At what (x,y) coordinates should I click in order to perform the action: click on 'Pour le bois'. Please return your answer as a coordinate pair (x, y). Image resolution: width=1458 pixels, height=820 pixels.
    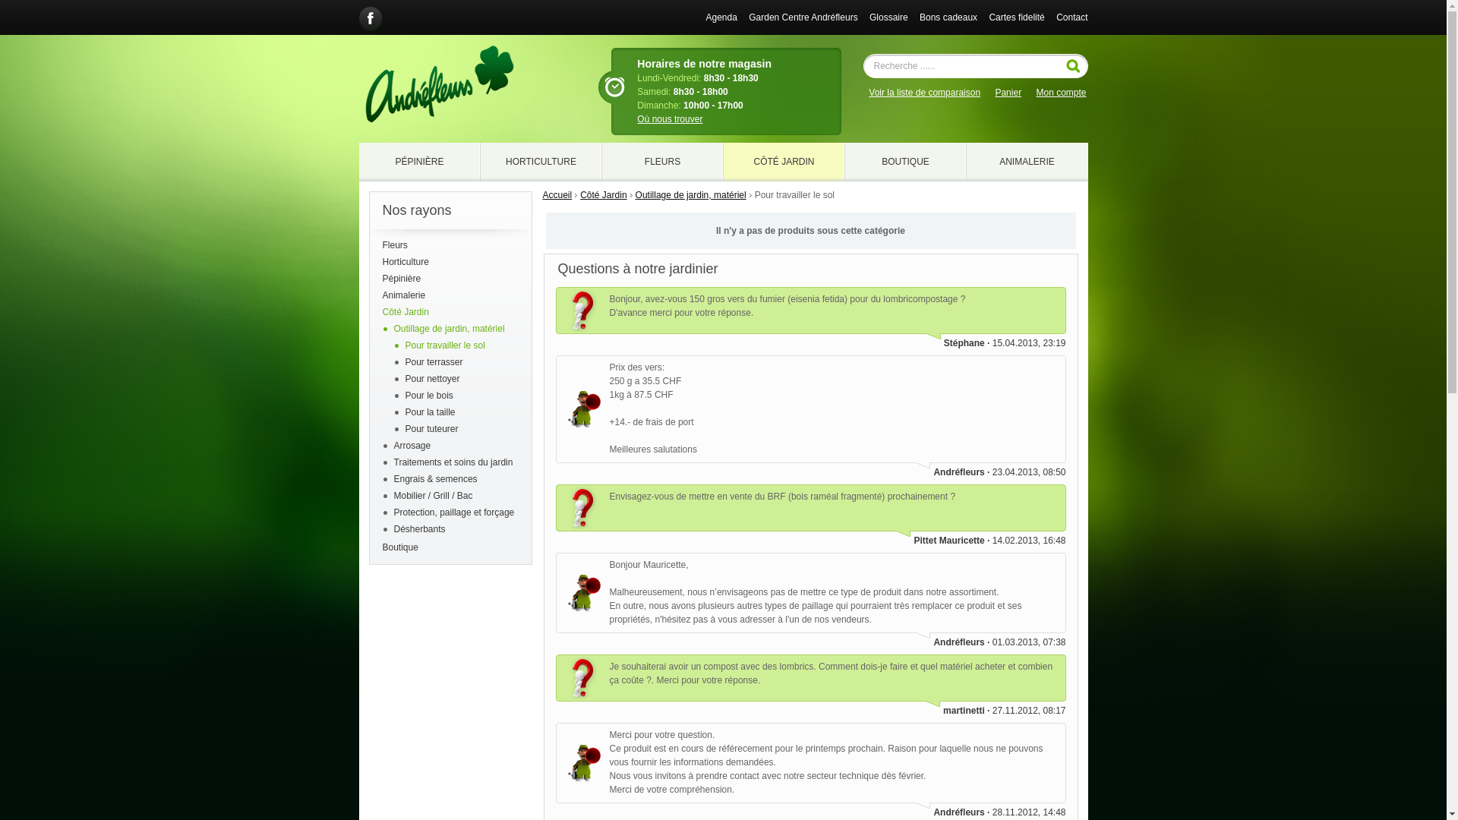
    Looking at the image, I should click on (428, 394).